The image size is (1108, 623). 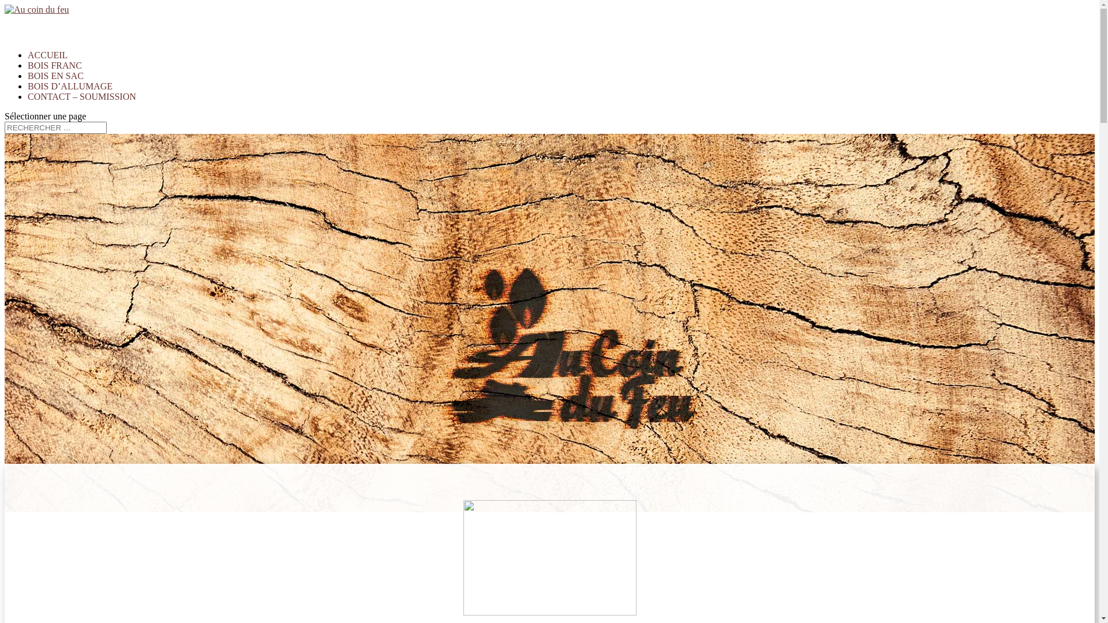 What do you see at coordinates (55, 127) in the screenshot?
I see `'Rechercher:'` at bounding box center [55, 127].